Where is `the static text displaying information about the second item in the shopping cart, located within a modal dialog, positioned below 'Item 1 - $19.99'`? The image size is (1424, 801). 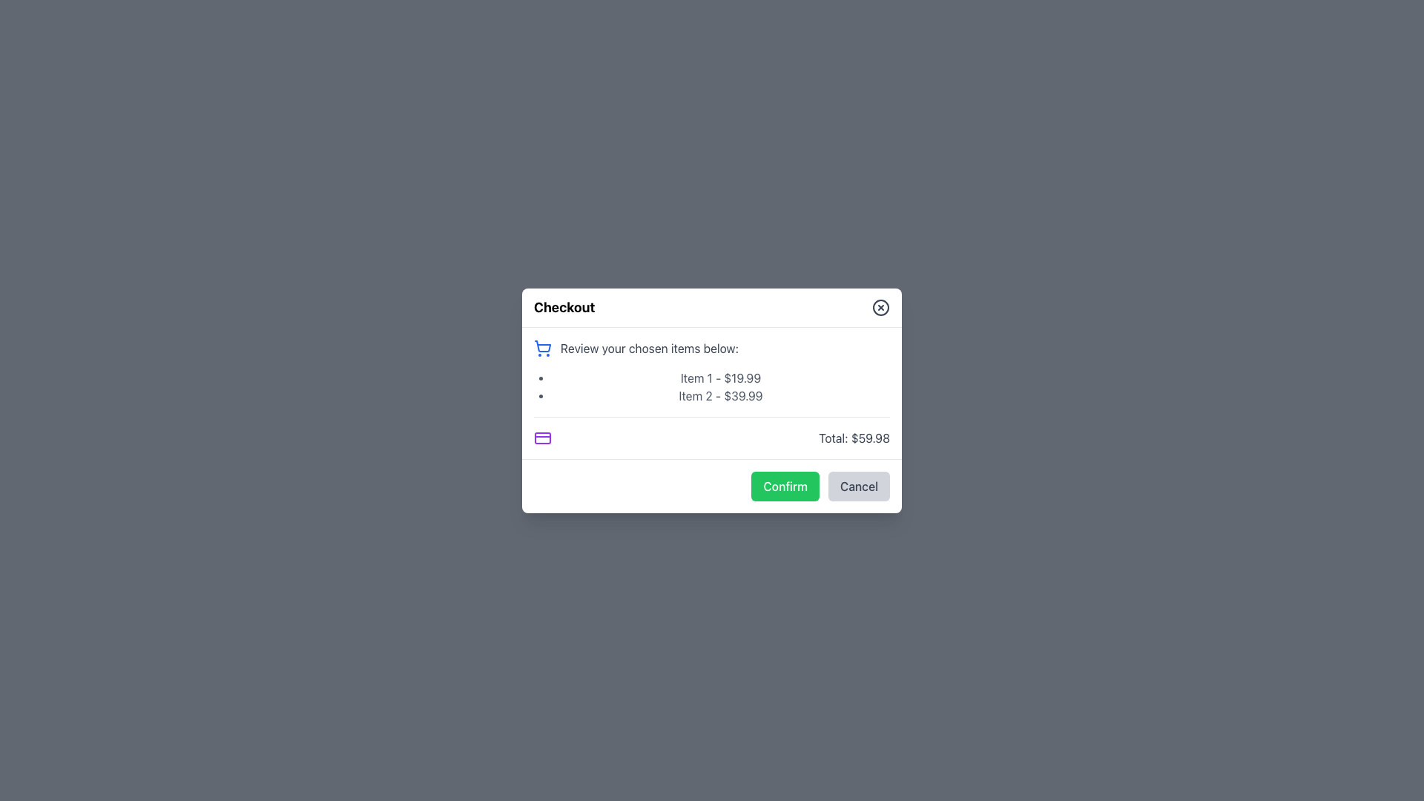 the static text displaying information about the second item in the shopping cart, located within a modal dialog, positioned below 'Item 1 - $19.99' is located at coordinates (720, 395).